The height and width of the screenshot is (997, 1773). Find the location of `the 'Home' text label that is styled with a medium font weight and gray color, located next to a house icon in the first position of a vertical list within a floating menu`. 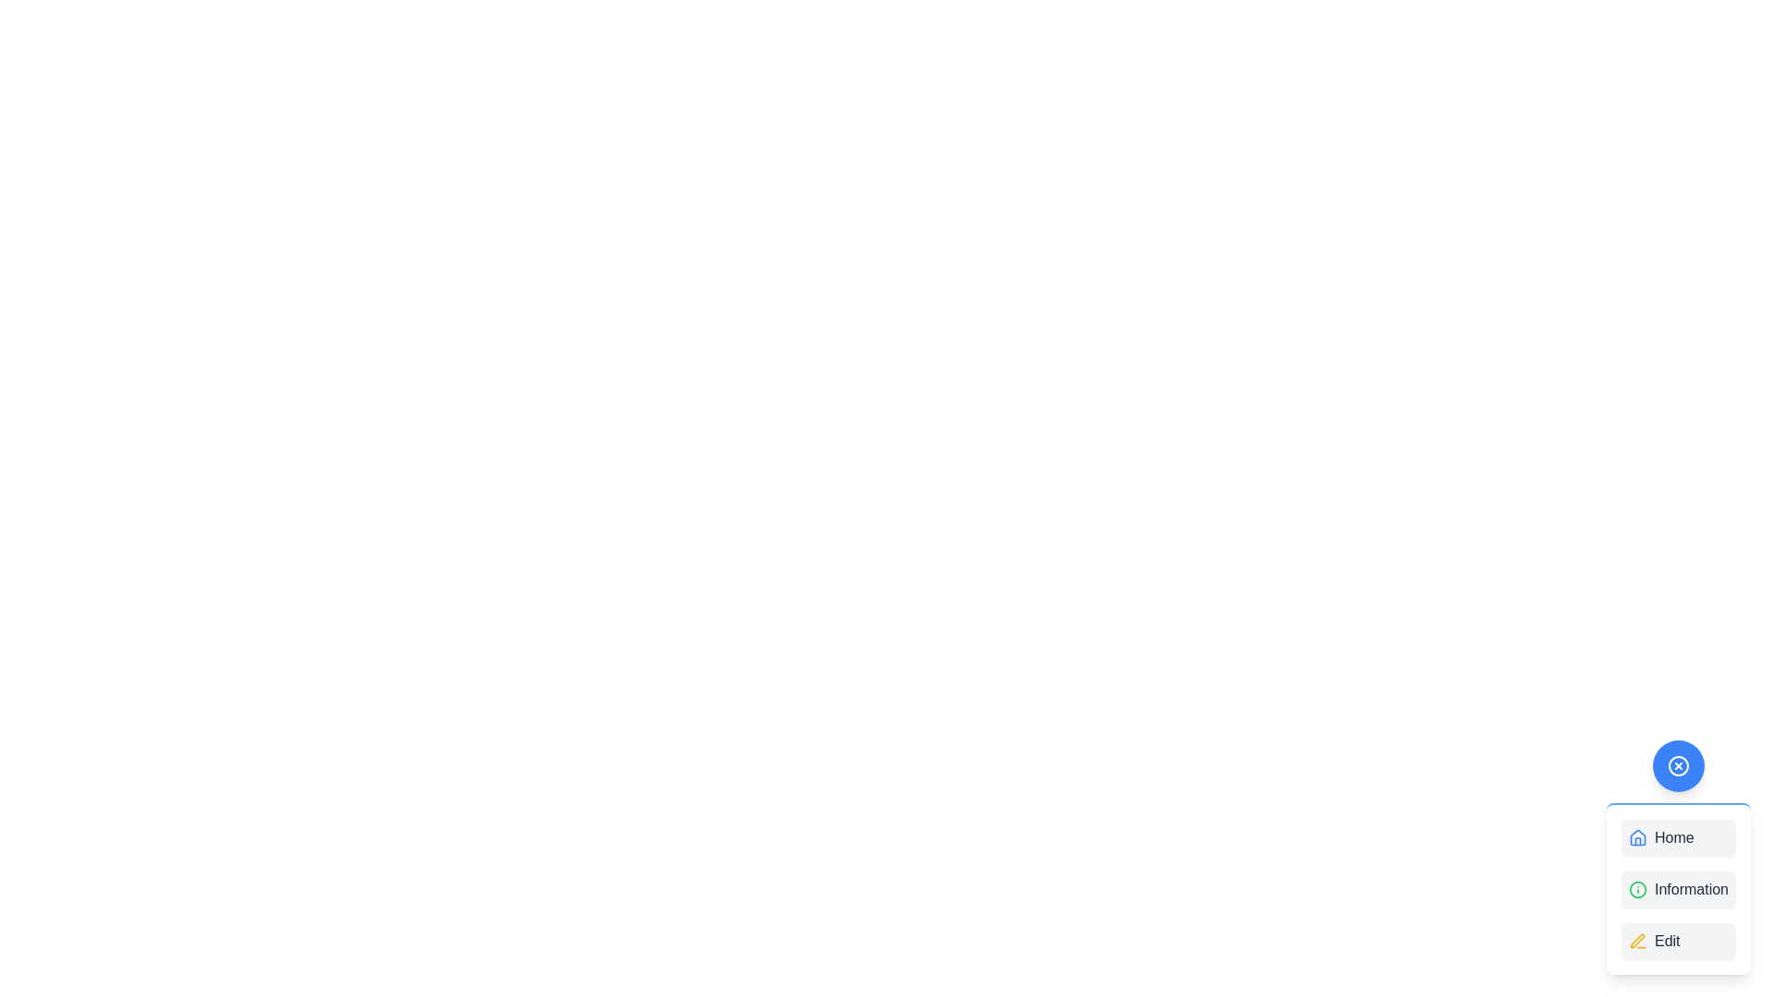

the 'Home' text label that is styled with a medium font weight and gray color, located next to a house icon in the first position of a vertical list within a floating menu is located at coordinates (1674, 837).